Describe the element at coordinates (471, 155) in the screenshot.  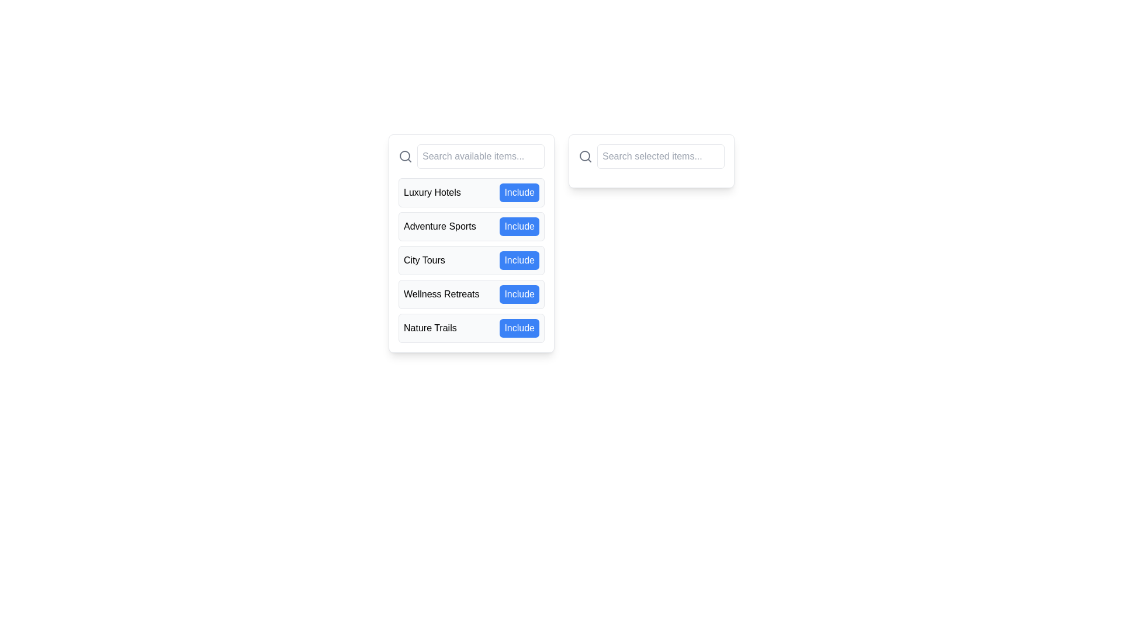
I see `the search input field with a magnifying glass icon to focus and input text` at that location.